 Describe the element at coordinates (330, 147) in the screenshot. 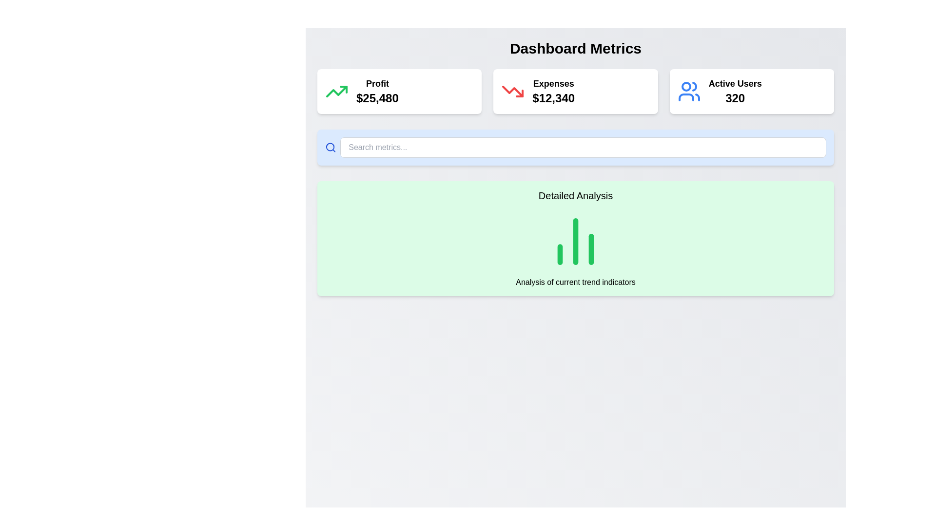

I see `the circular part of the SVG-based magnifying glass icon, which is styled with a solid boundary and no fill, located near the top center of the interface, to interact with the search functionality` at that location.